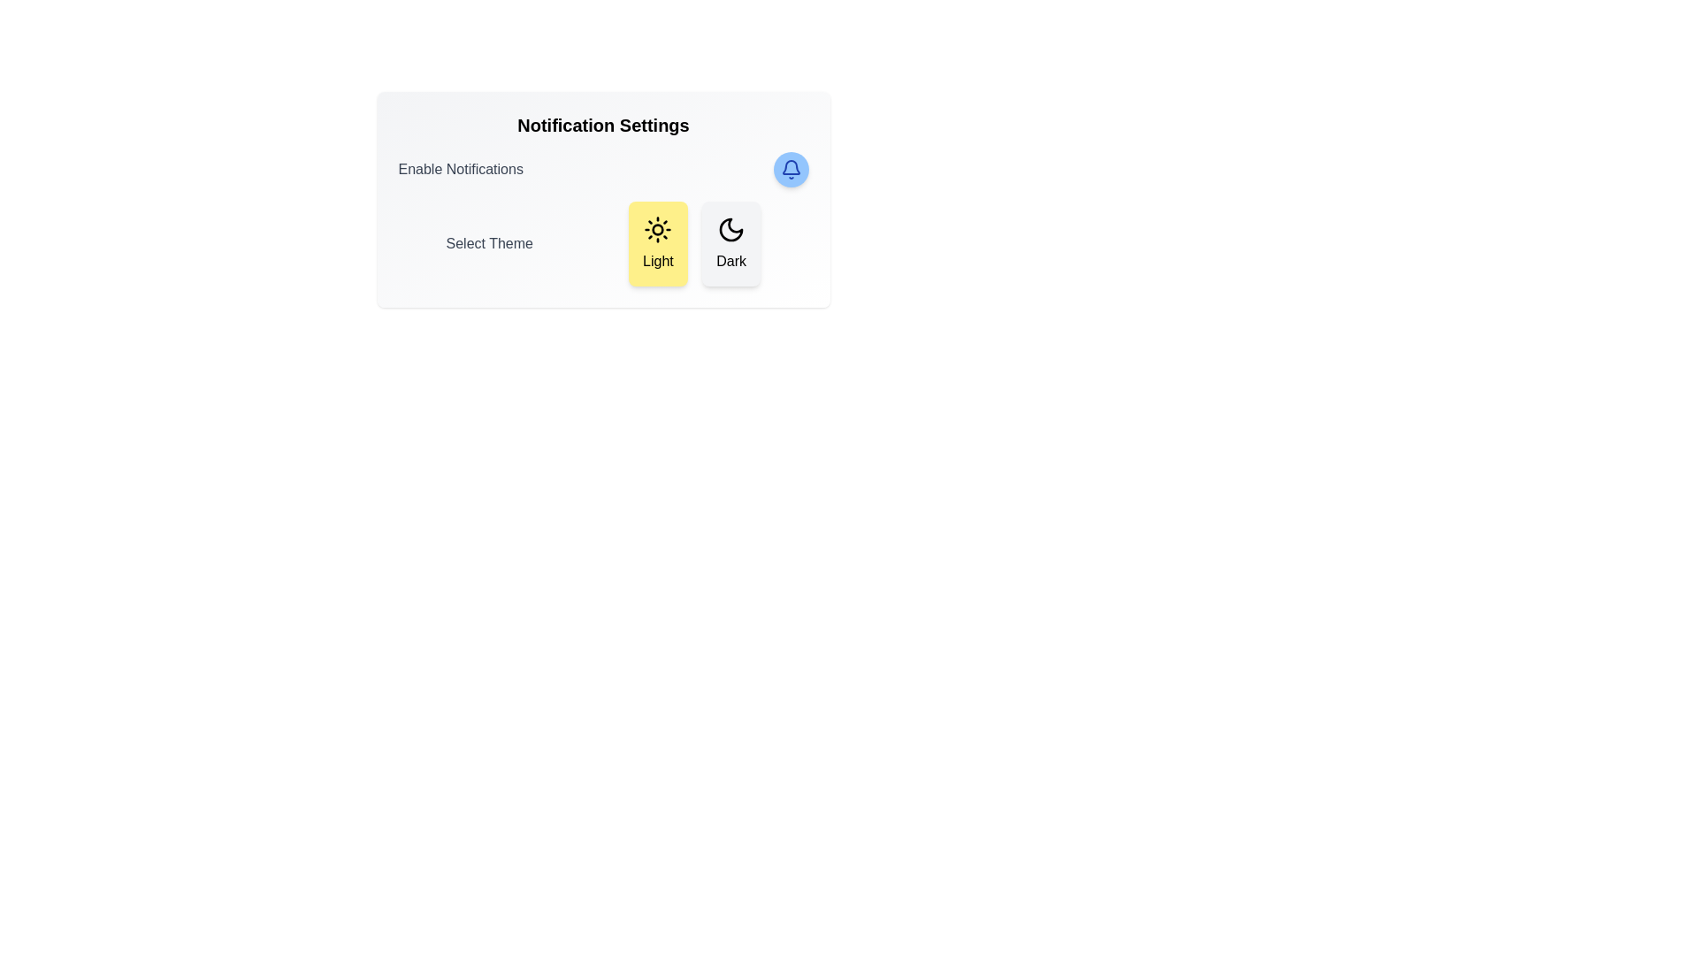  I want to click on the theme by clicking the corresponding button for dark, so click(730, 244).